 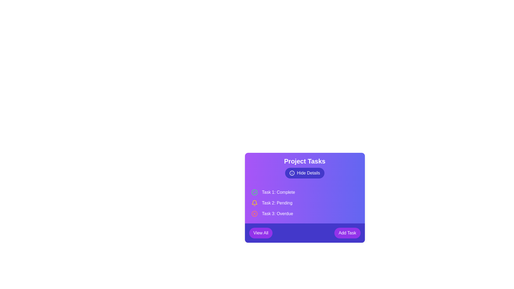 What do you see at coordinates (305, 213) in the screenshot?
I see `the List item labeled 'Task 3: Overdue', which is the third item in the vertical list of tasks within the 'Project Tasks' section` at bounding box center [305, 213].